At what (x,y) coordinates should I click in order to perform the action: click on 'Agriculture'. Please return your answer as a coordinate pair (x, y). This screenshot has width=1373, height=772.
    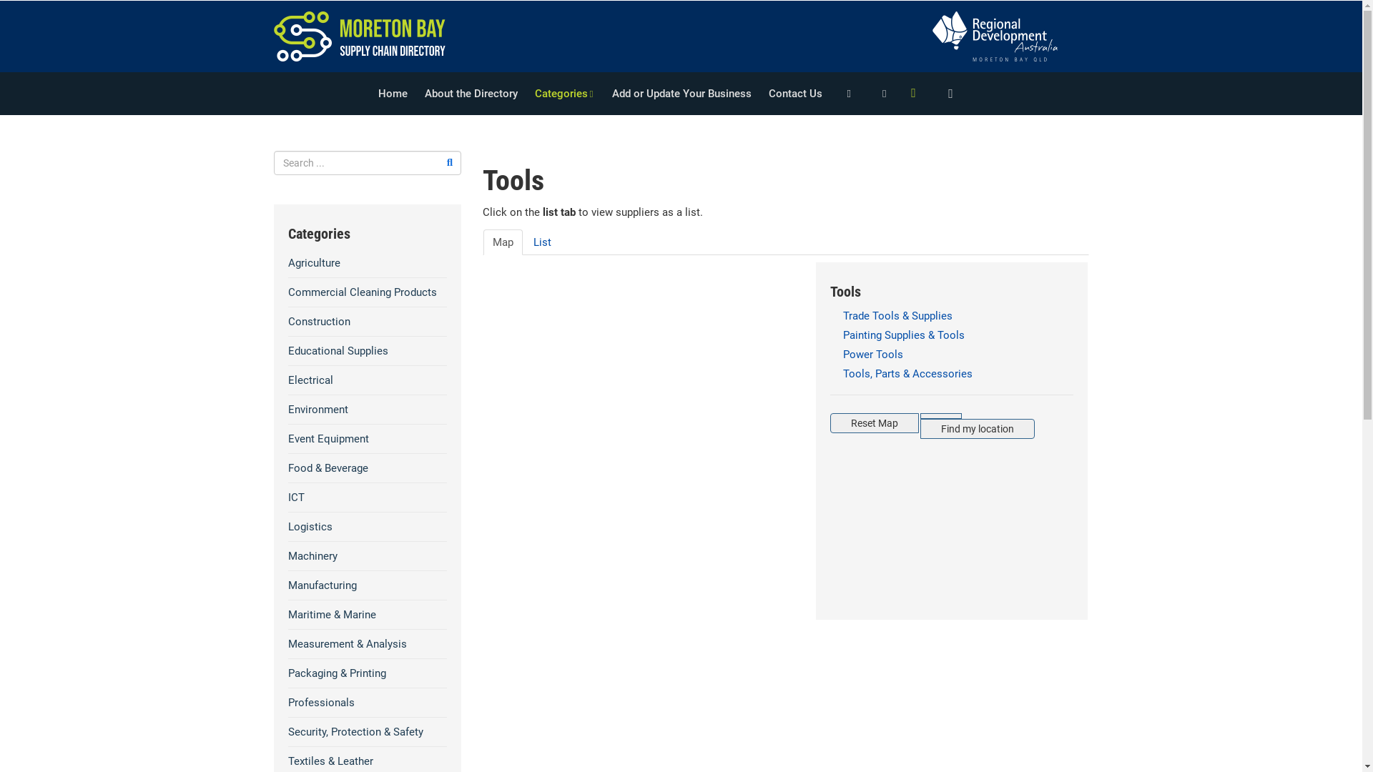
    Looking at the image, I should click on (367, 262).